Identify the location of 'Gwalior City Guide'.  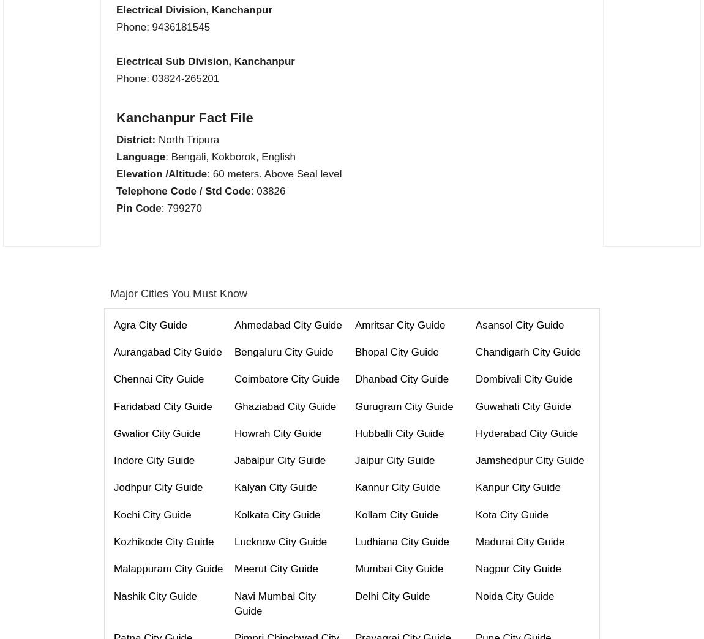
(156, 432).